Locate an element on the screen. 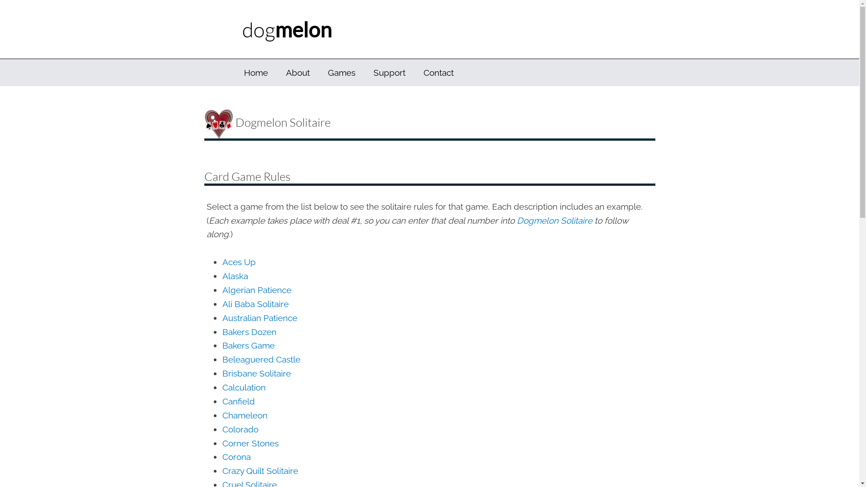 The height and width of the screenshot is (487, 866). 'Contact' is located at coordinates (438, 72).